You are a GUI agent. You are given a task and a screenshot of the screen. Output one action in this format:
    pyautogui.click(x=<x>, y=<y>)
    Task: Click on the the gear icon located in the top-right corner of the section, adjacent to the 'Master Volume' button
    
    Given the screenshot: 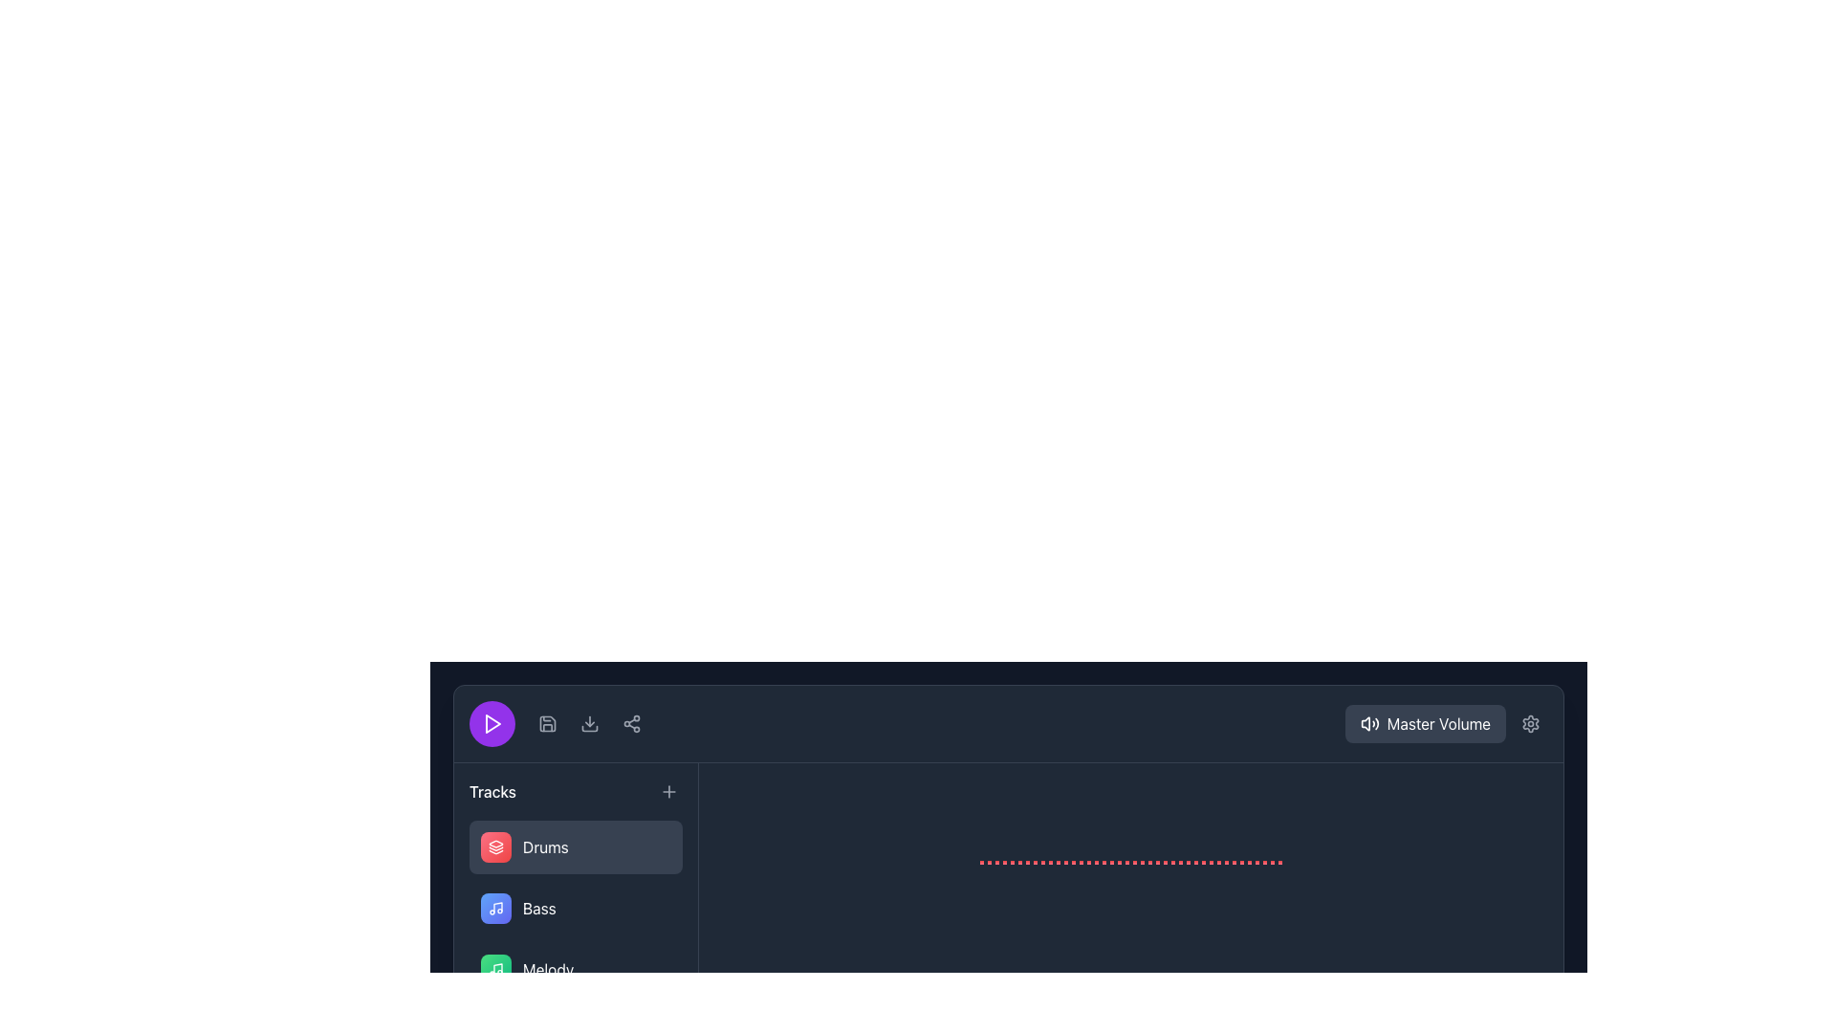 What is the action you would take?
    pyautogui.click(x=1531, y=723)
    